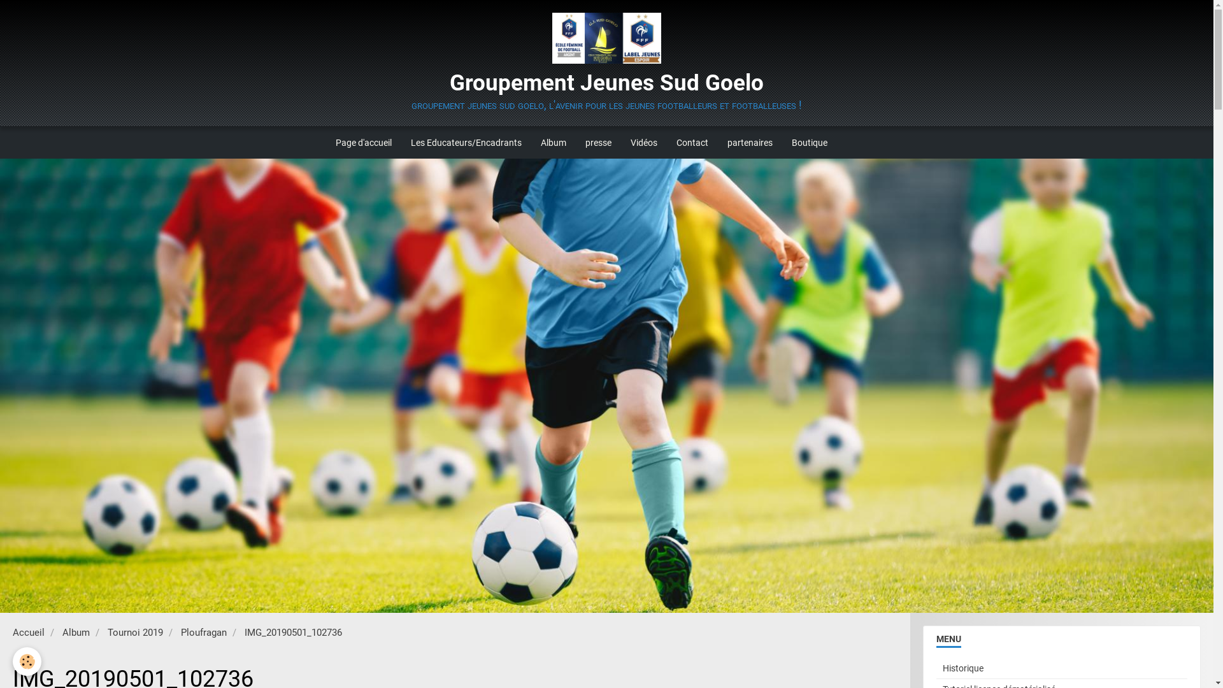 This screenshot has width=1223, height=688. I want to click on 'Les Educateurs/Encadrants', so click(465, 142).